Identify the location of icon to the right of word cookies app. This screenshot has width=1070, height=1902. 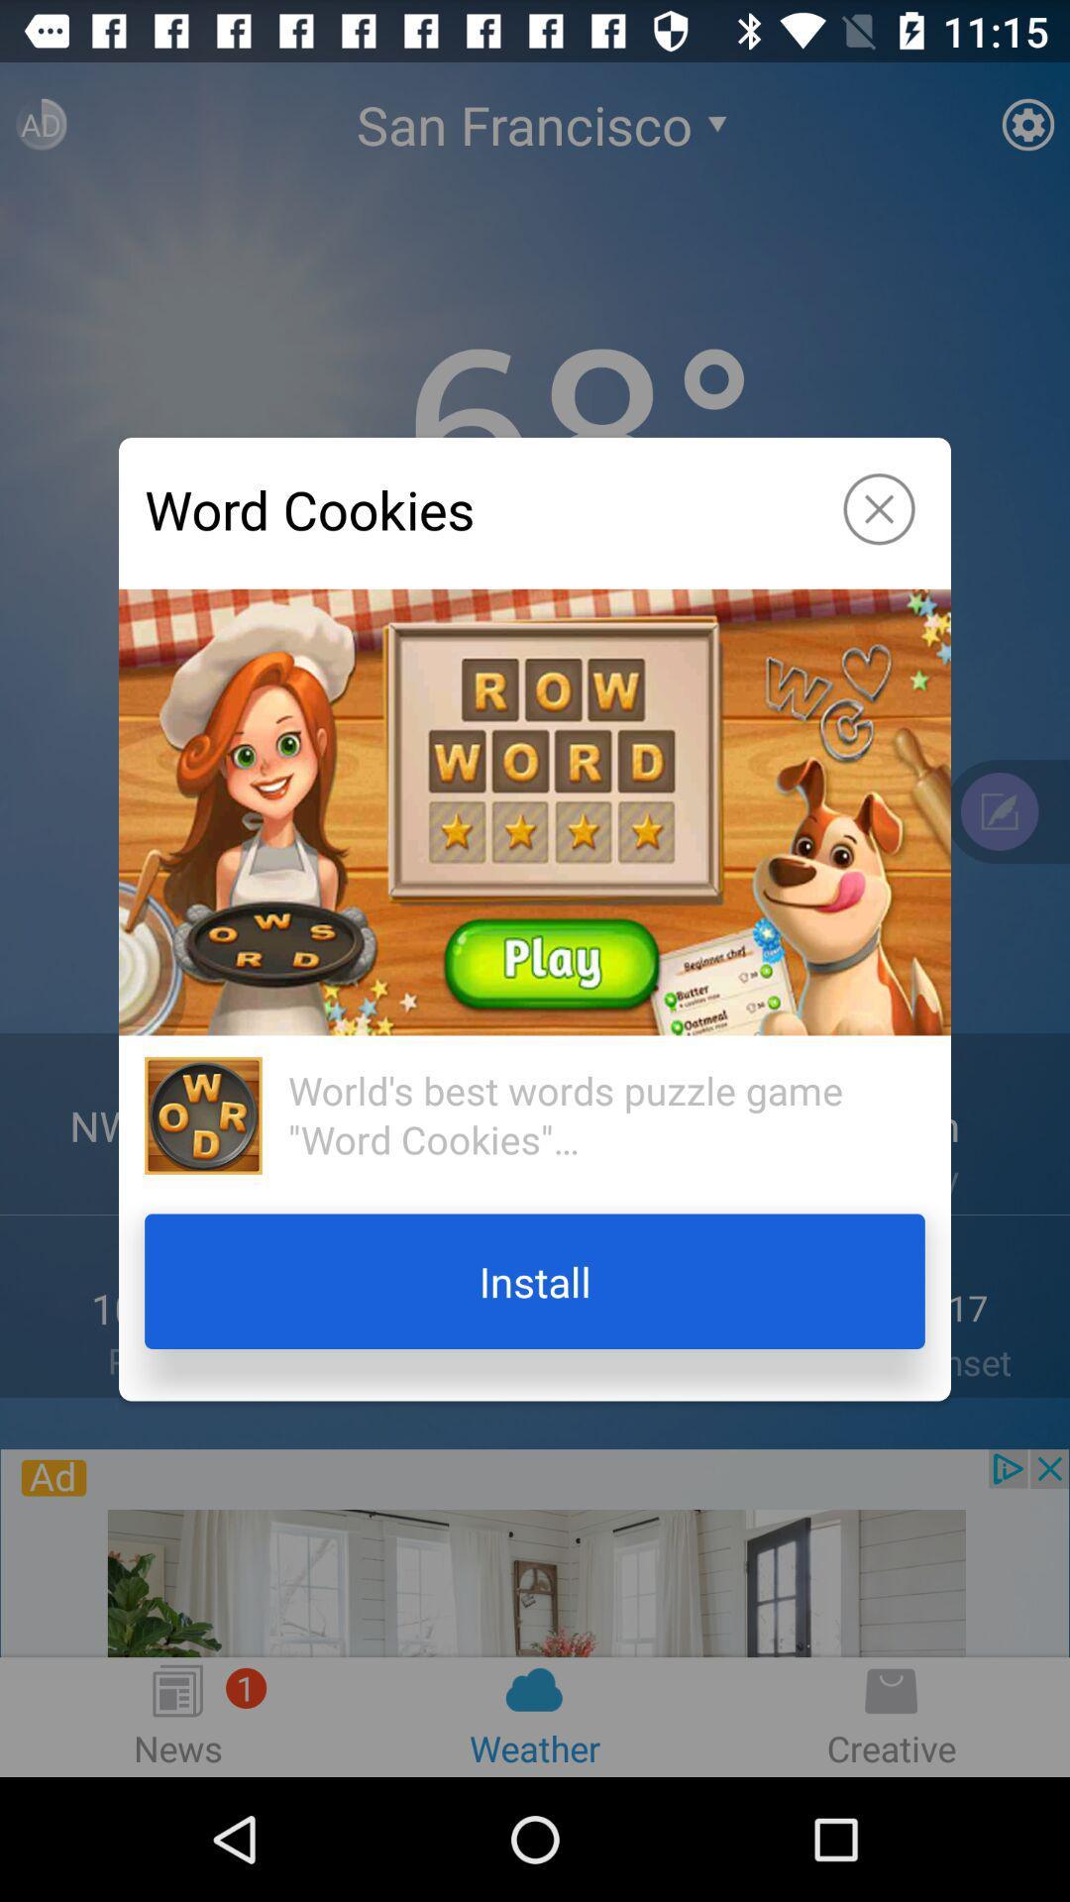
(878, 509).